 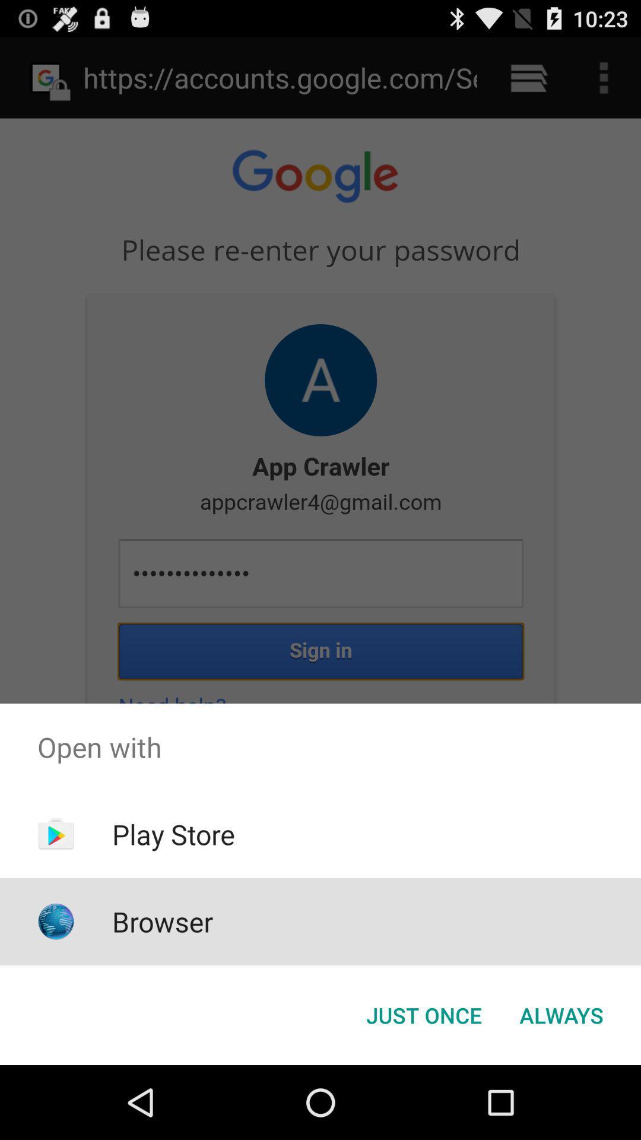 What do you see at coordinates (173, 834) in the screenshot?
I see `app below the open with` at bounding box center [173, 834].